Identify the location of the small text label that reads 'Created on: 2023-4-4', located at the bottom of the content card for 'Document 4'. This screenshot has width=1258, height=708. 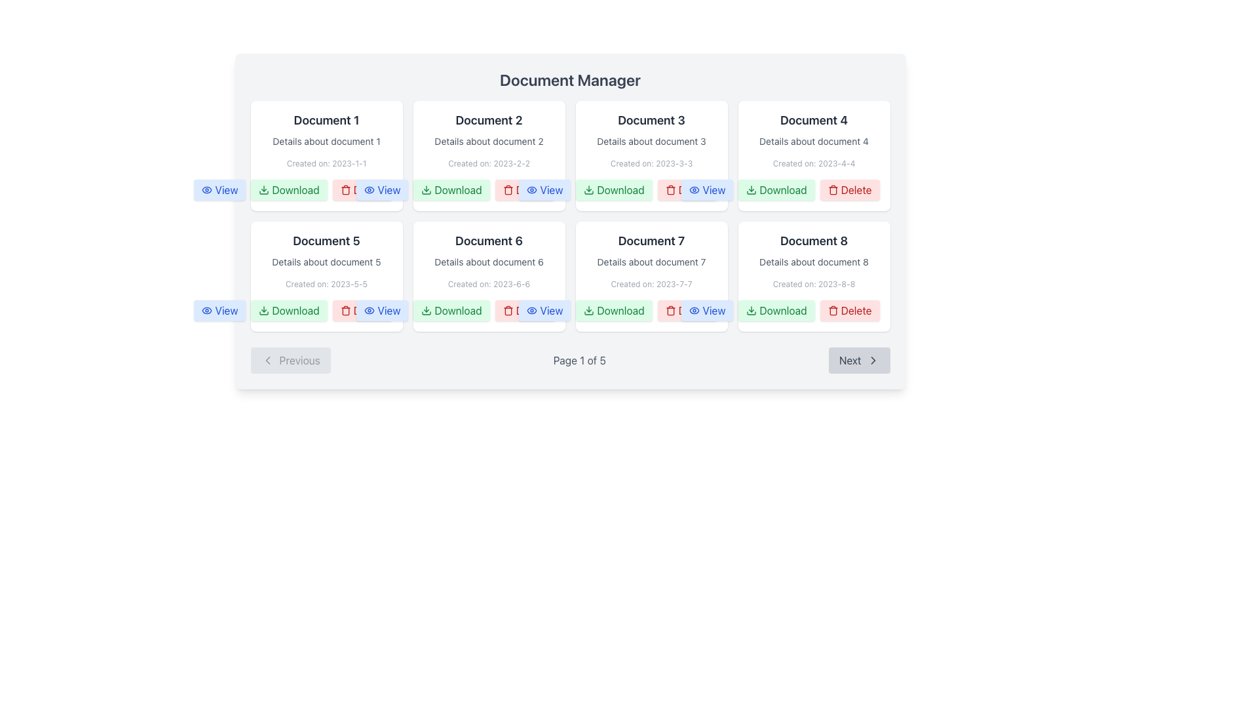
(813, 163).